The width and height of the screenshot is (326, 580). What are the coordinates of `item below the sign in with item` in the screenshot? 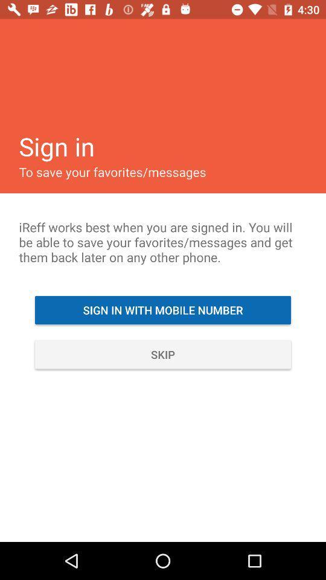 It's located at (163, 354).